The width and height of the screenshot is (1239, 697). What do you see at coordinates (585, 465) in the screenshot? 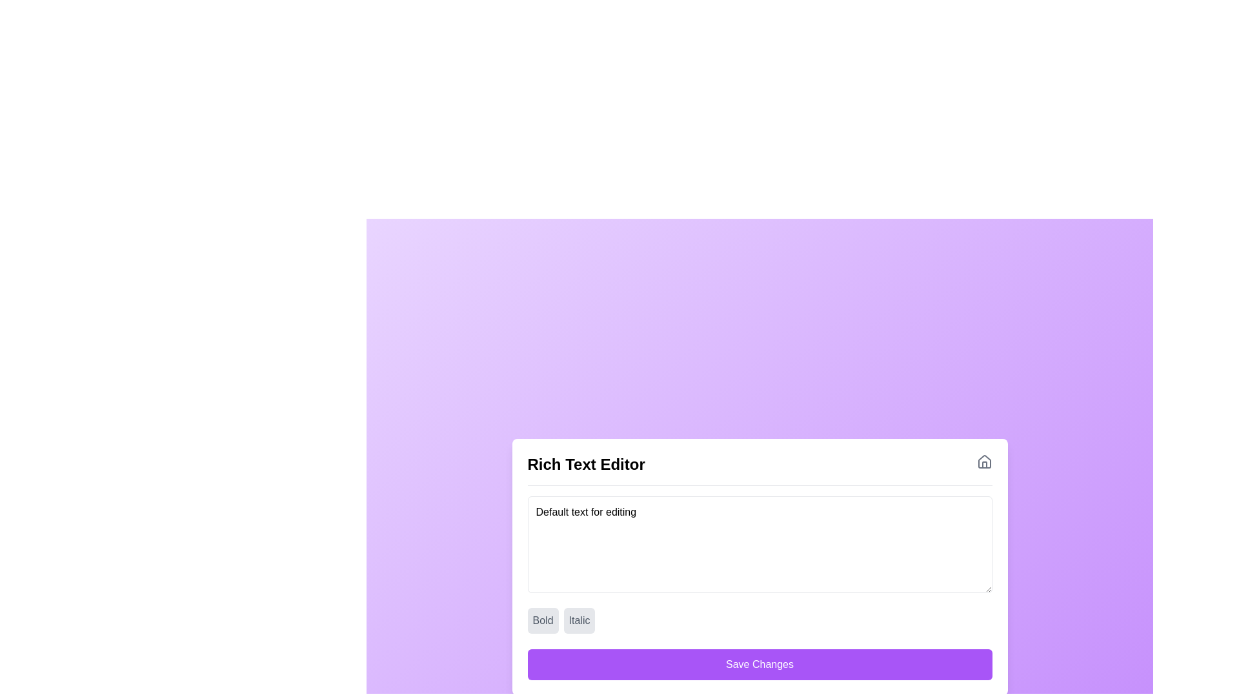
I see `the title label located at the top left of the text editor's toolbar, which serves as the heading for the section below` at bounding box center [585, 465].